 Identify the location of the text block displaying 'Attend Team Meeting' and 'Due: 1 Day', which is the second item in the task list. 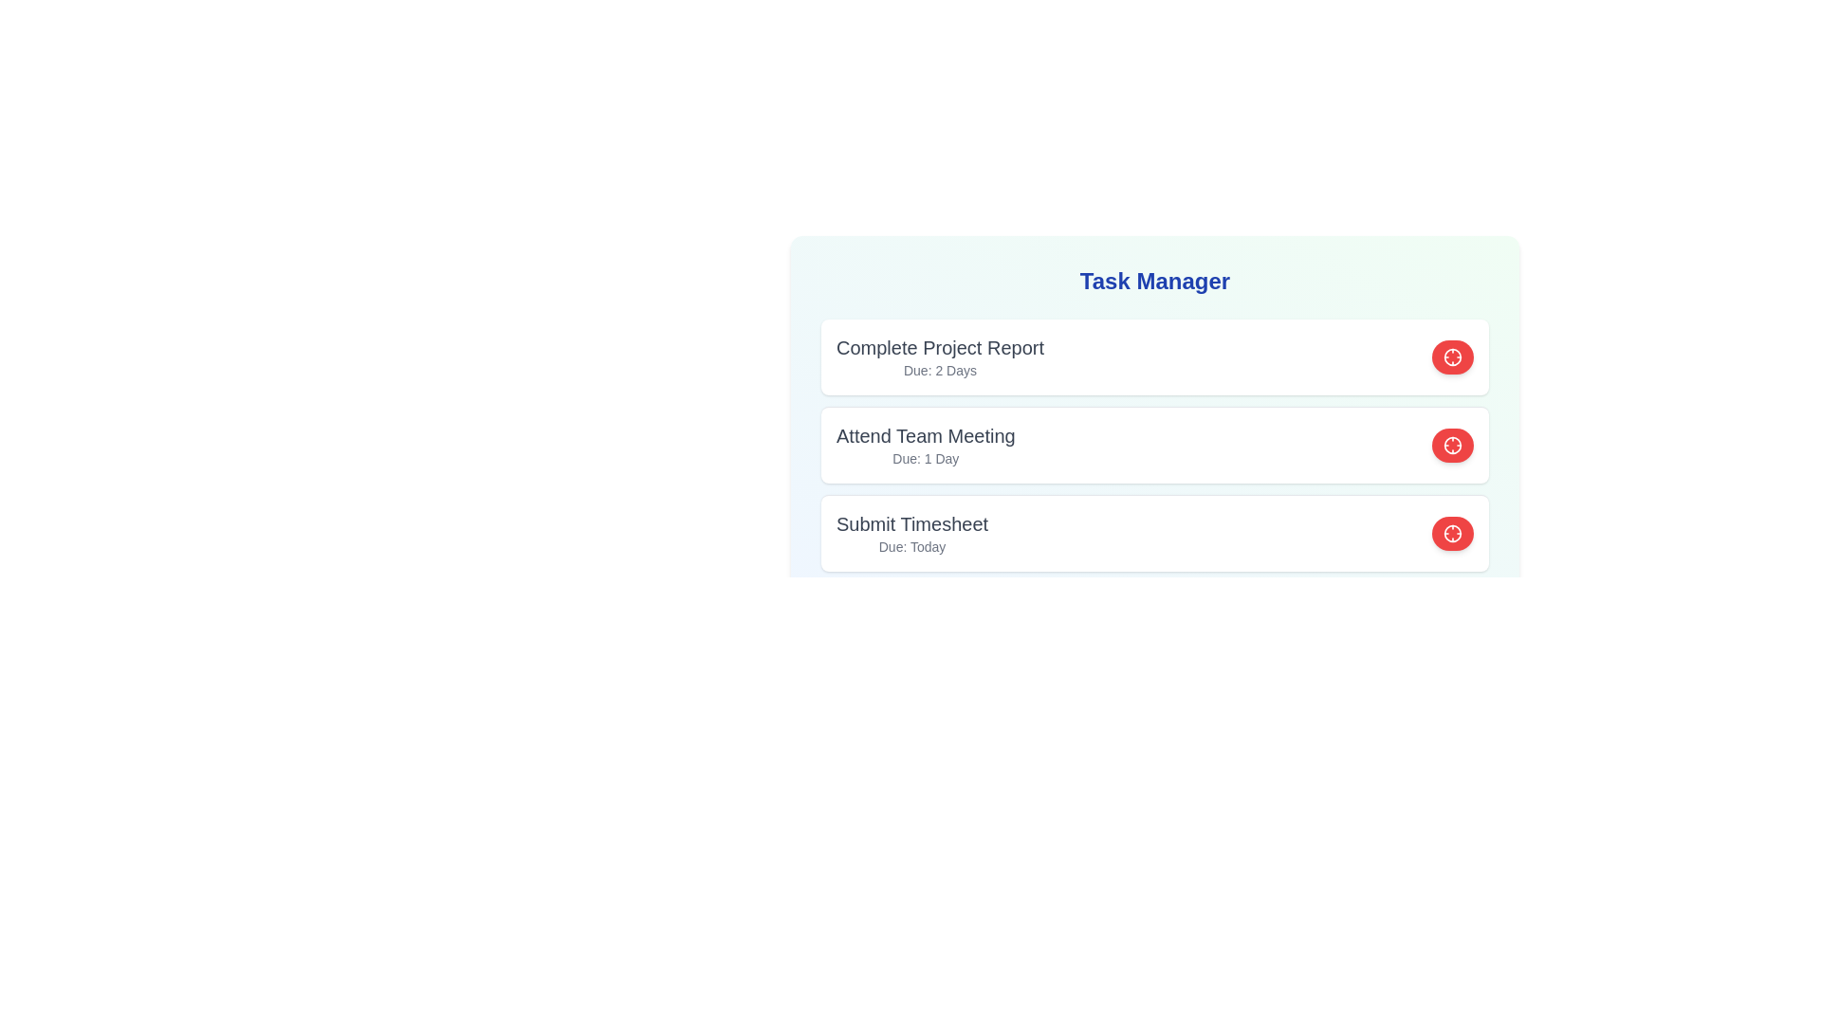
(926, 446).